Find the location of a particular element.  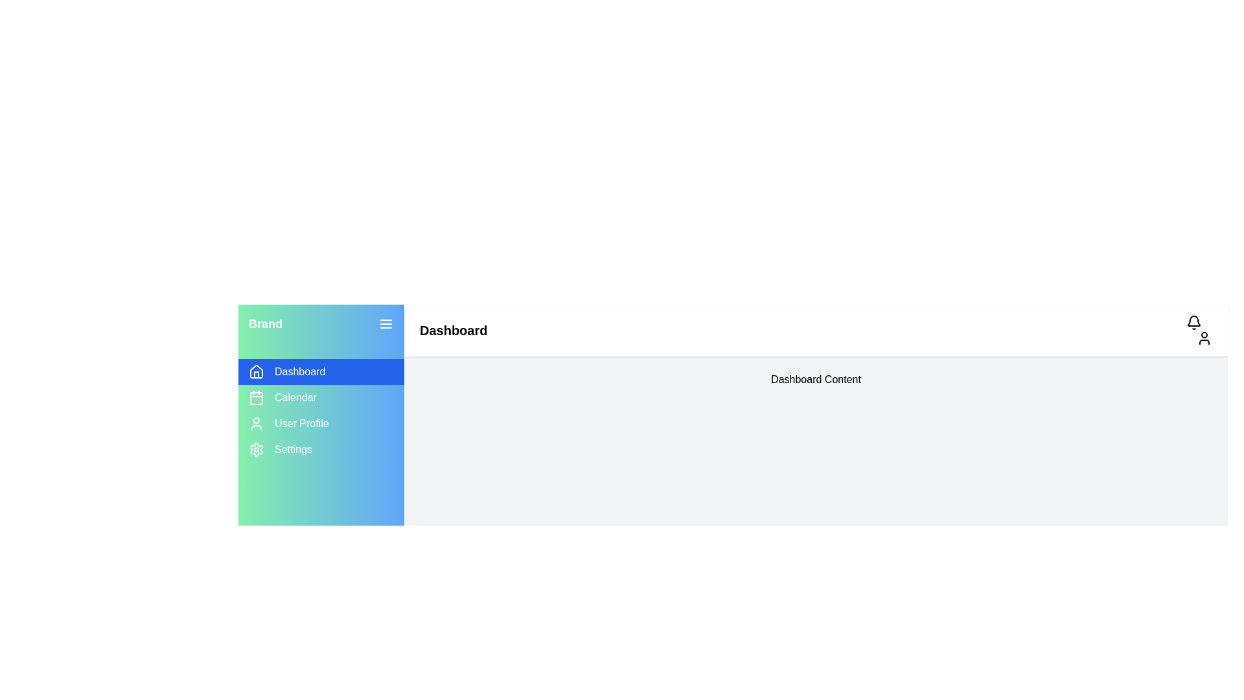

the bold, large-sized text label reading 'Brand', which is styled in white and located in the top left corner of the interface within the navigation sidebar is located at coordinates (264, 323).